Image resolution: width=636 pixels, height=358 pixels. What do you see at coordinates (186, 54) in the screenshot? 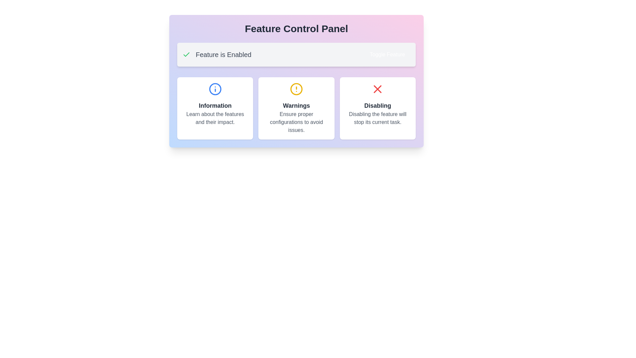
I see `the green check mark icon located at the top-left side of the checkbox label 'Feature is Enabled'` at bounding box center [186, 54].